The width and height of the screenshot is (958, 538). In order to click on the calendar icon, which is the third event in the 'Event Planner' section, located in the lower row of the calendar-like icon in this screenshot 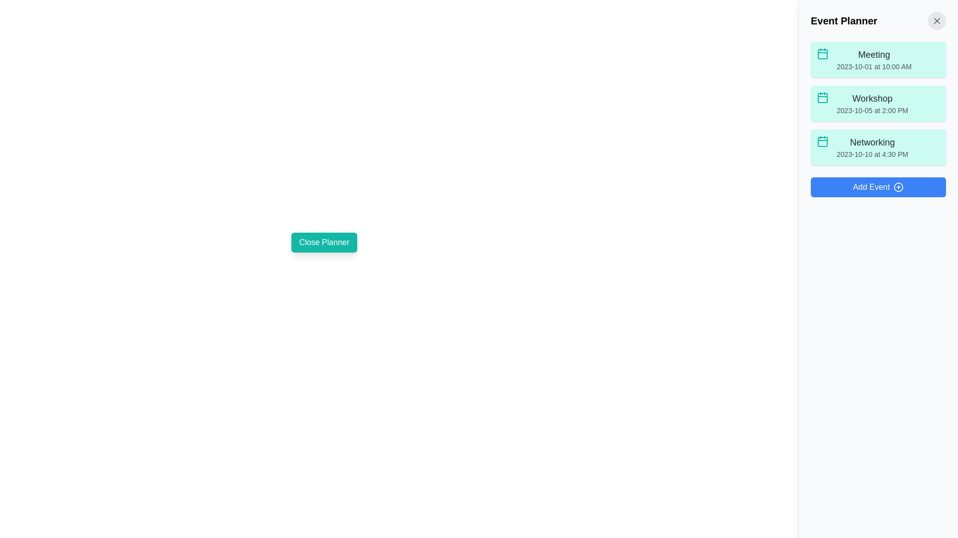, I will do `click(823, 142)`.